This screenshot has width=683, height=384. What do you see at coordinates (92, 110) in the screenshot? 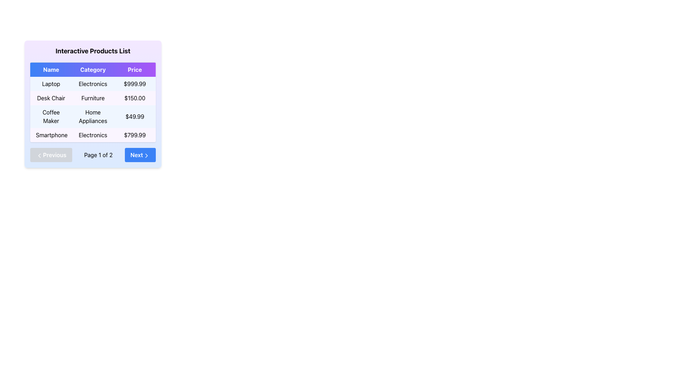
I see `the third row of the product listing table displaying 'Coffee Maker', 'Home Appliances', and '$49.99'` at bounding box center [92, 110].